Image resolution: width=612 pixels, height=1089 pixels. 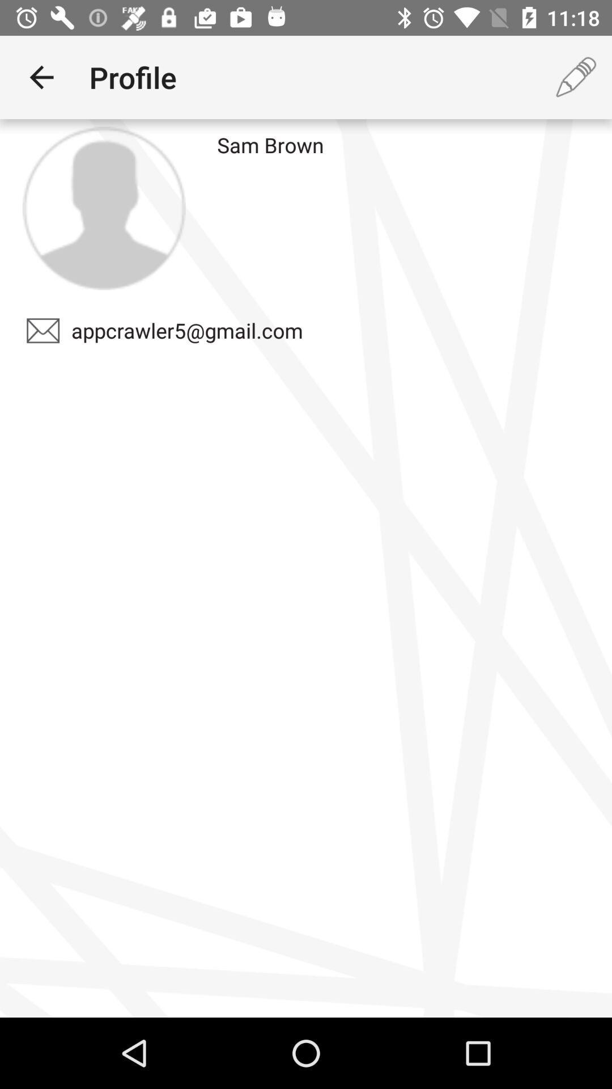 I want to click on click on favorites, so click(x=104, y=208).